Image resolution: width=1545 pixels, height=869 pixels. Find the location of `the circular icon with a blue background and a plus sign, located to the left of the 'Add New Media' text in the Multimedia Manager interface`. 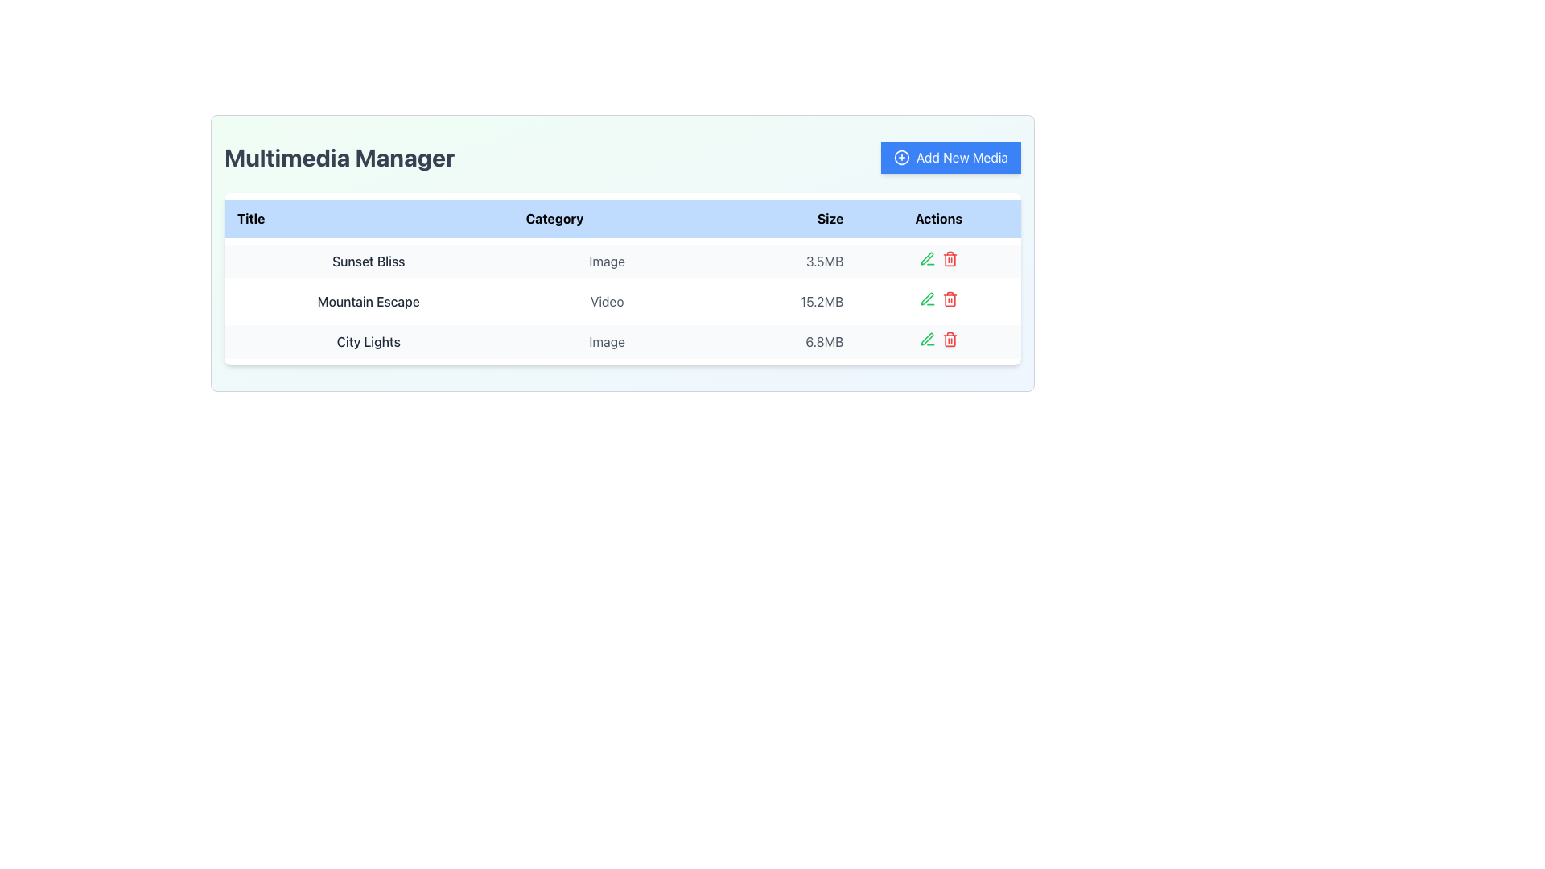

the circular icon with a blue background and a plus sign, located to the left of the 'Add New Media' text in the Multimedia Manager interface is located at coordinates (901, 158).